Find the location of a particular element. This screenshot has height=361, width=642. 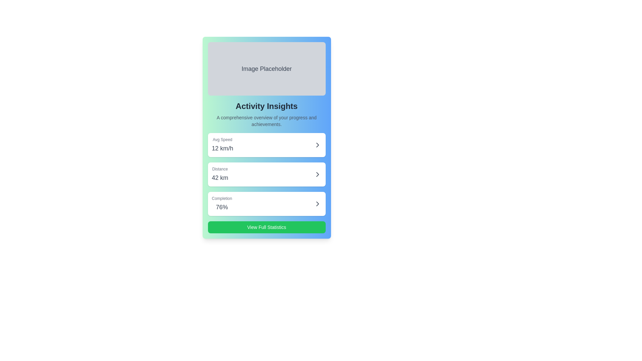

percentage completion value displayed in the Informational text group, which is located within the second-to-last white card in the 'Activity Insights' section and is left-aligned with a chevron arrow icon on the right is located at coordinates (222, 203).